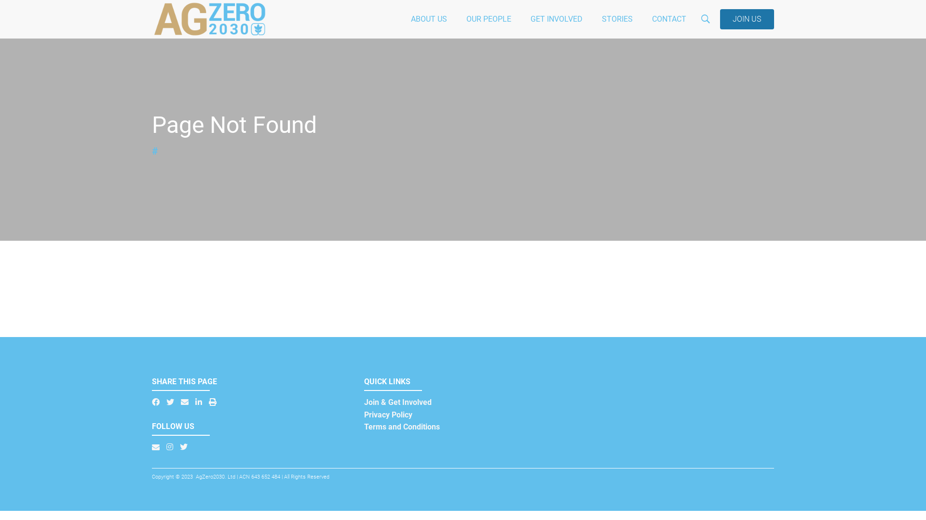 The image size is (926, 520). Describe the element at coordinates (668, 19) in the screenshot. I see `'CONTACT'` at that location.